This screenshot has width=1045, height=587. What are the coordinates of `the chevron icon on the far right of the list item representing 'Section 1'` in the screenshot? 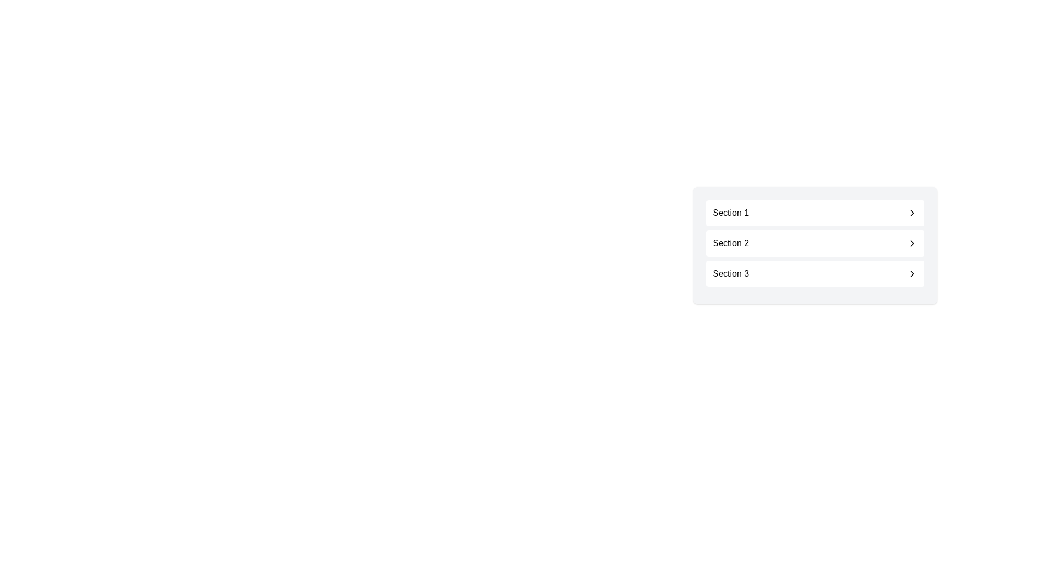 It's located at (912, 213).